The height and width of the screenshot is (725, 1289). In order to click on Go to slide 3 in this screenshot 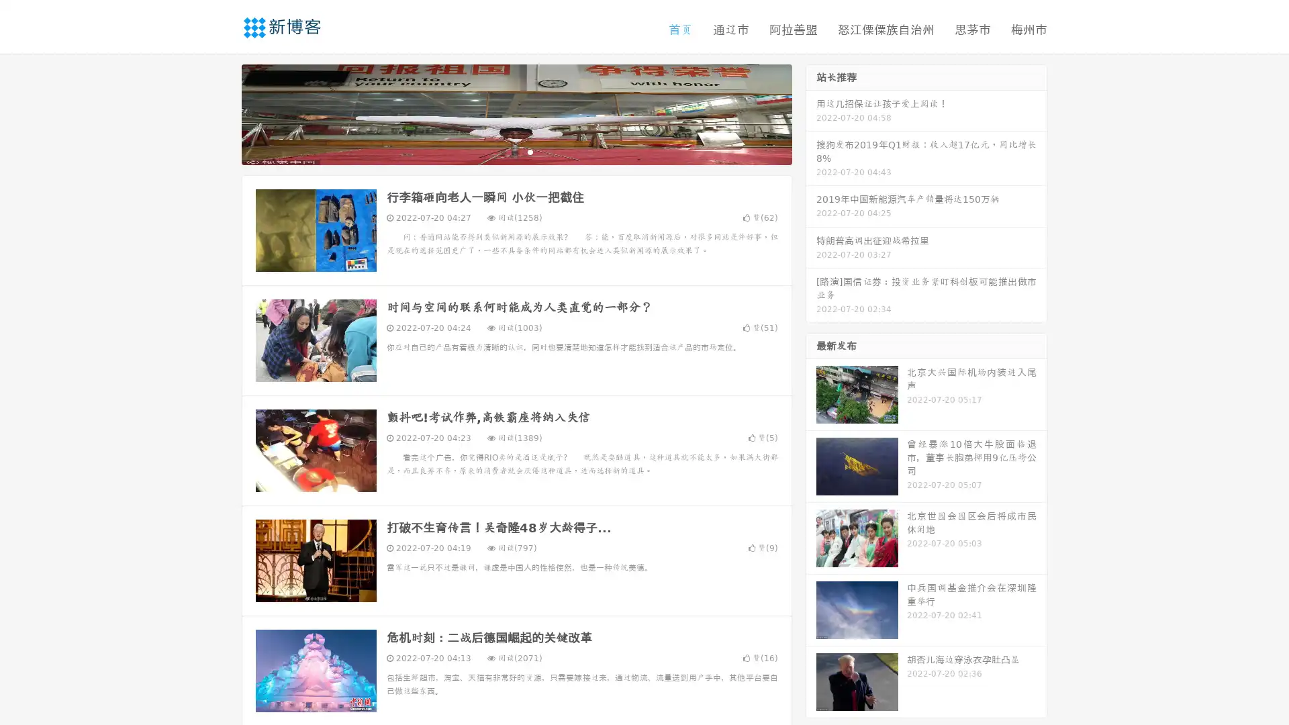, I will do `click(530, 151)`.